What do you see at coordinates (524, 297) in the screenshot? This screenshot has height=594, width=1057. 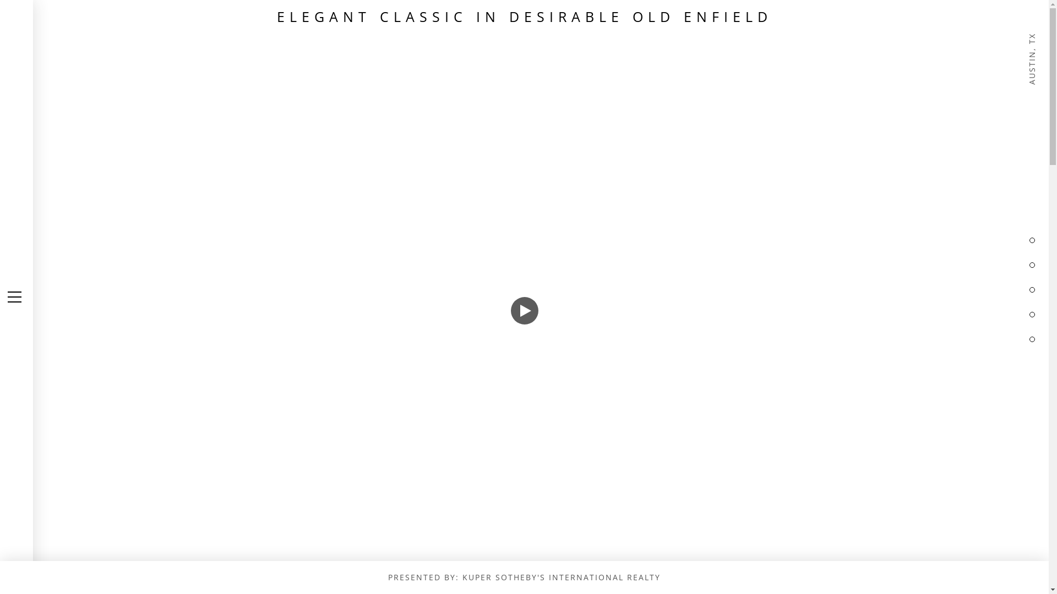 I see `'Listing Video'` at bounding box center [524, 297].